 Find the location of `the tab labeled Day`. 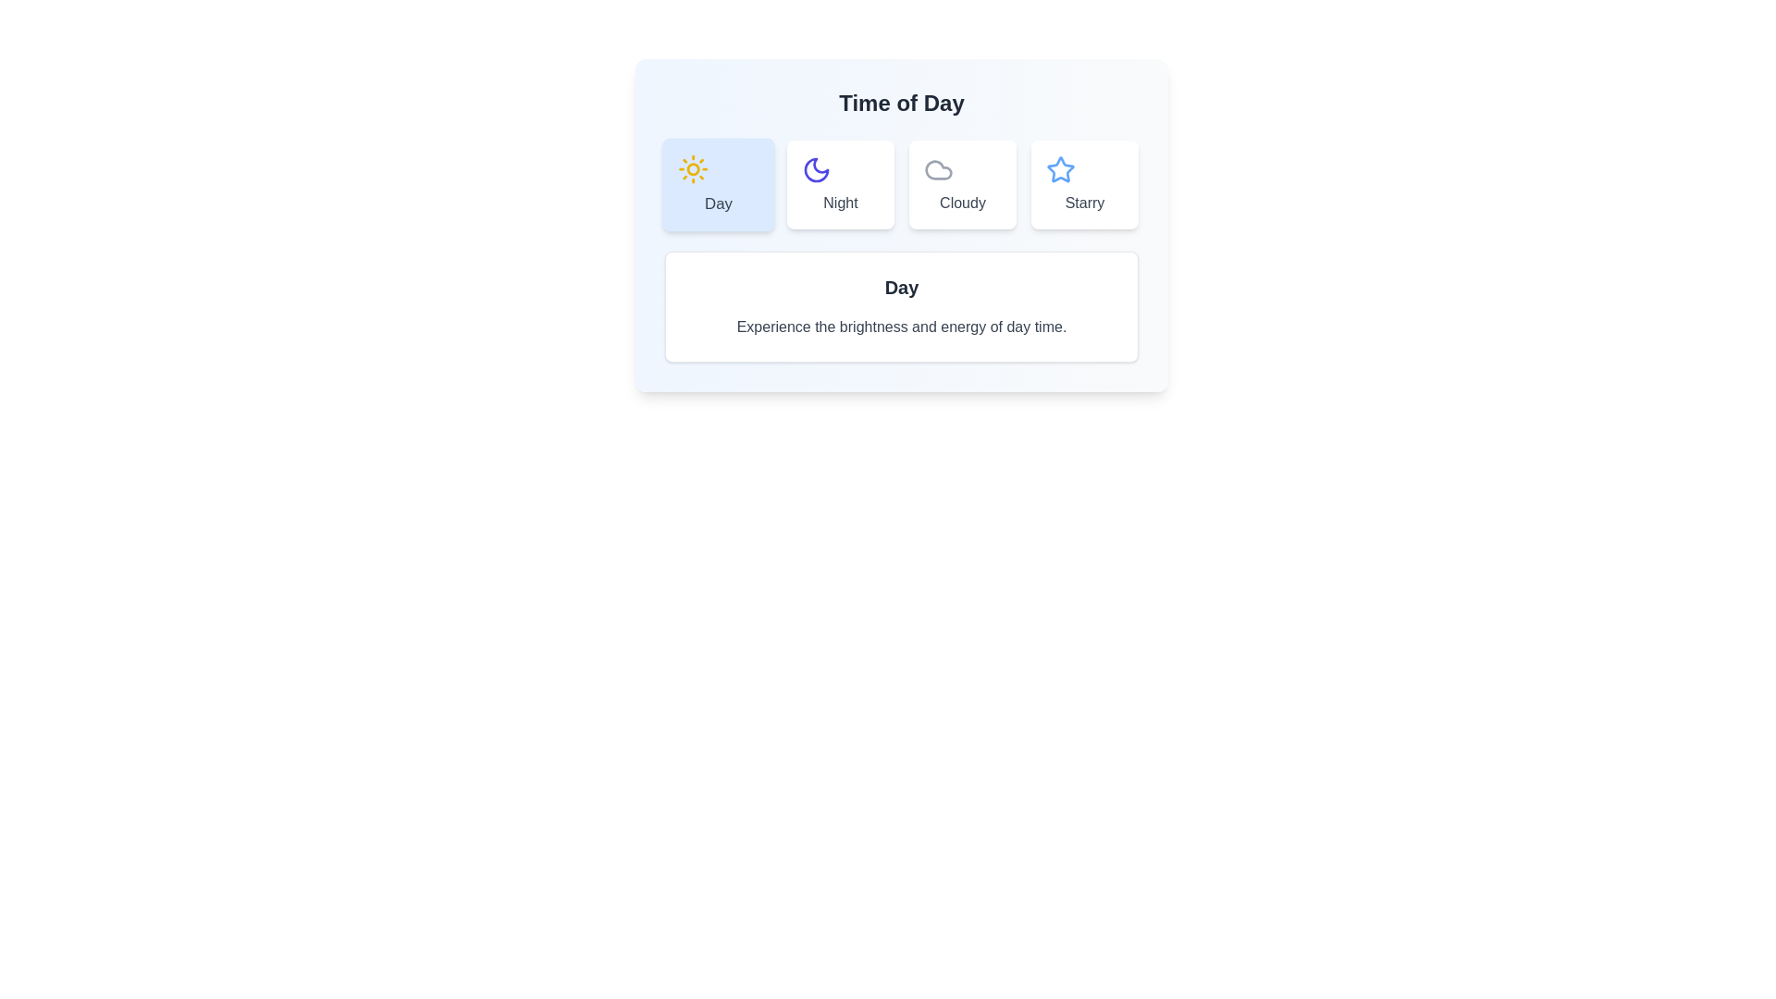

the tab labeled Day is located at coordinates (718, 185).